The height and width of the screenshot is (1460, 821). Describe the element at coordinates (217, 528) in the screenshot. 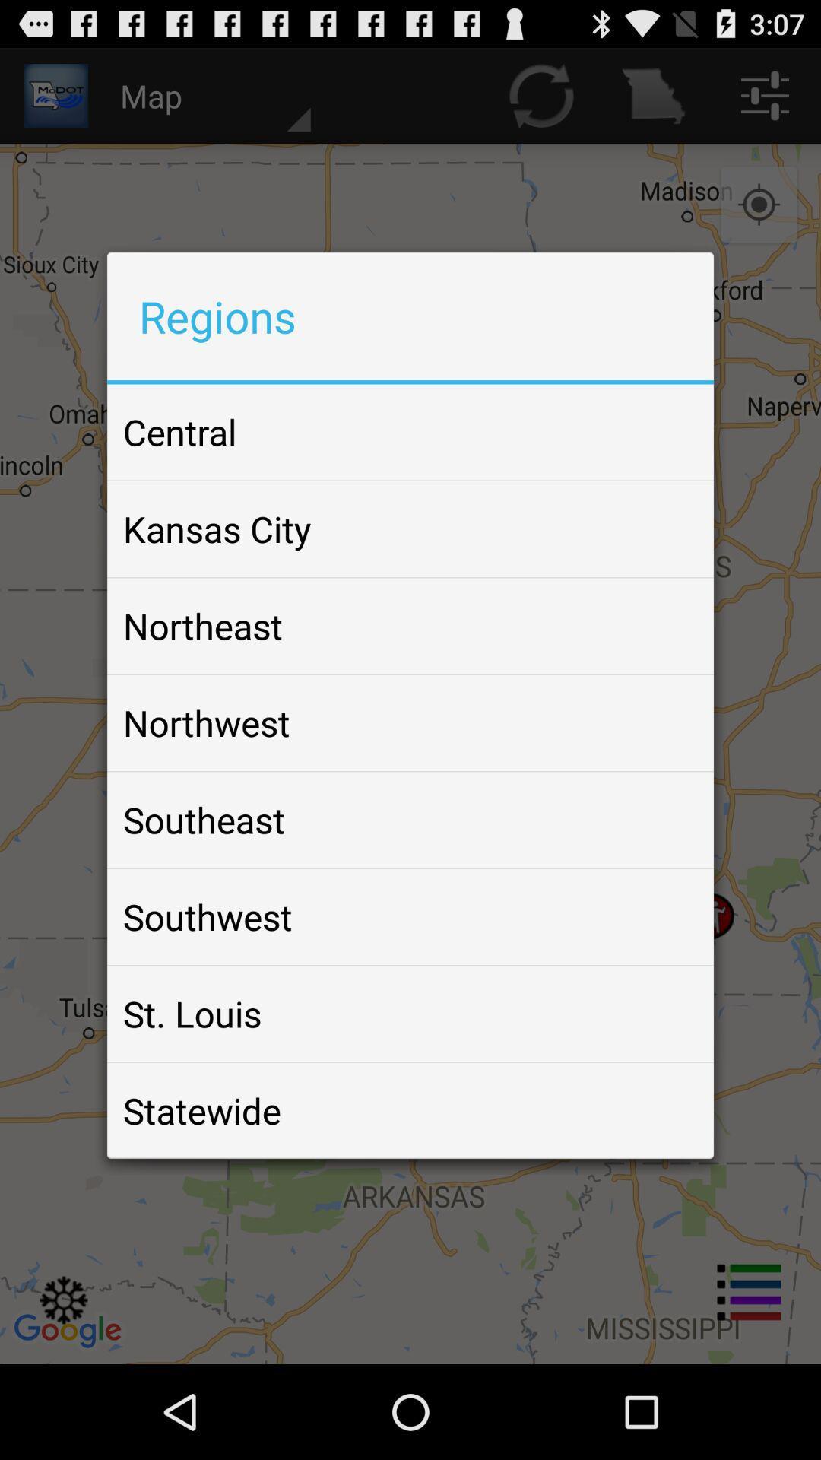

I see `kansas city` at that location.